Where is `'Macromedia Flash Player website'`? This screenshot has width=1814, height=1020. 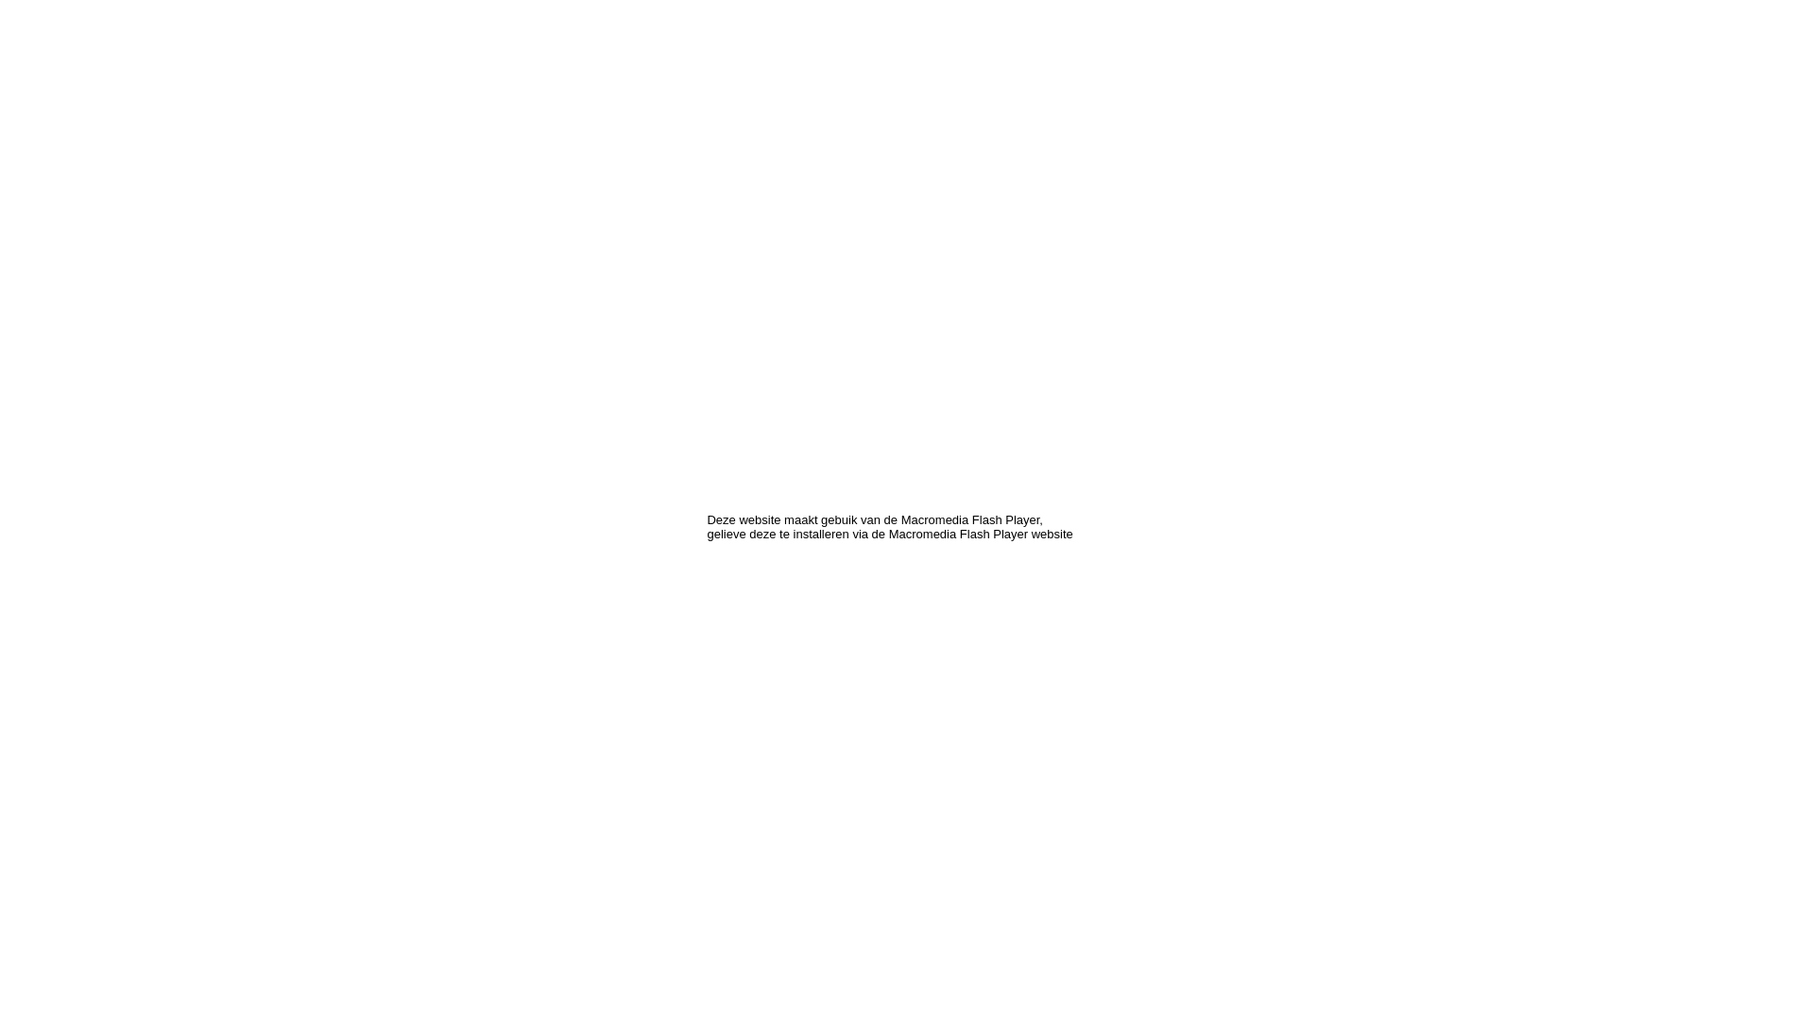 'Macromedia Flash Player website' is located at coordinates (887, 534).